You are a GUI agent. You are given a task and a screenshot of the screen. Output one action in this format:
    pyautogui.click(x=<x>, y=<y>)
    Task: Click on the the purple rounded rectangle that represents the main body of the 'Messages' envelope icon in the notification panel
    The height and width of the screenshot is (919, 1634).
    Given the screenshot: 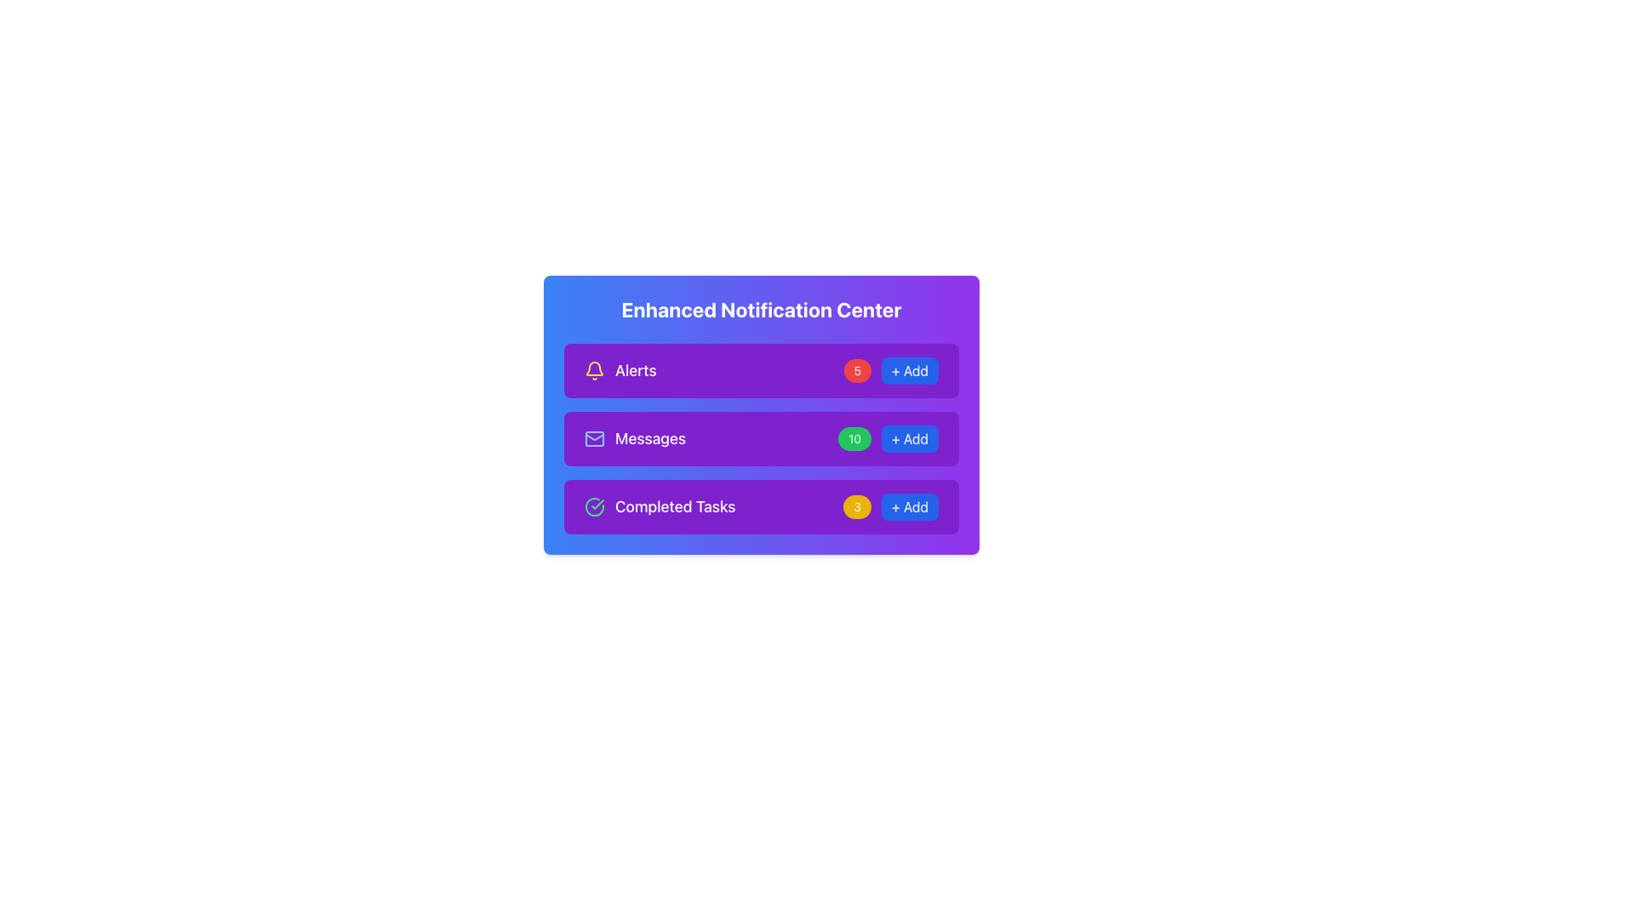 What is the action you would take?
    pyautogui.click(x=595, y=438)
    